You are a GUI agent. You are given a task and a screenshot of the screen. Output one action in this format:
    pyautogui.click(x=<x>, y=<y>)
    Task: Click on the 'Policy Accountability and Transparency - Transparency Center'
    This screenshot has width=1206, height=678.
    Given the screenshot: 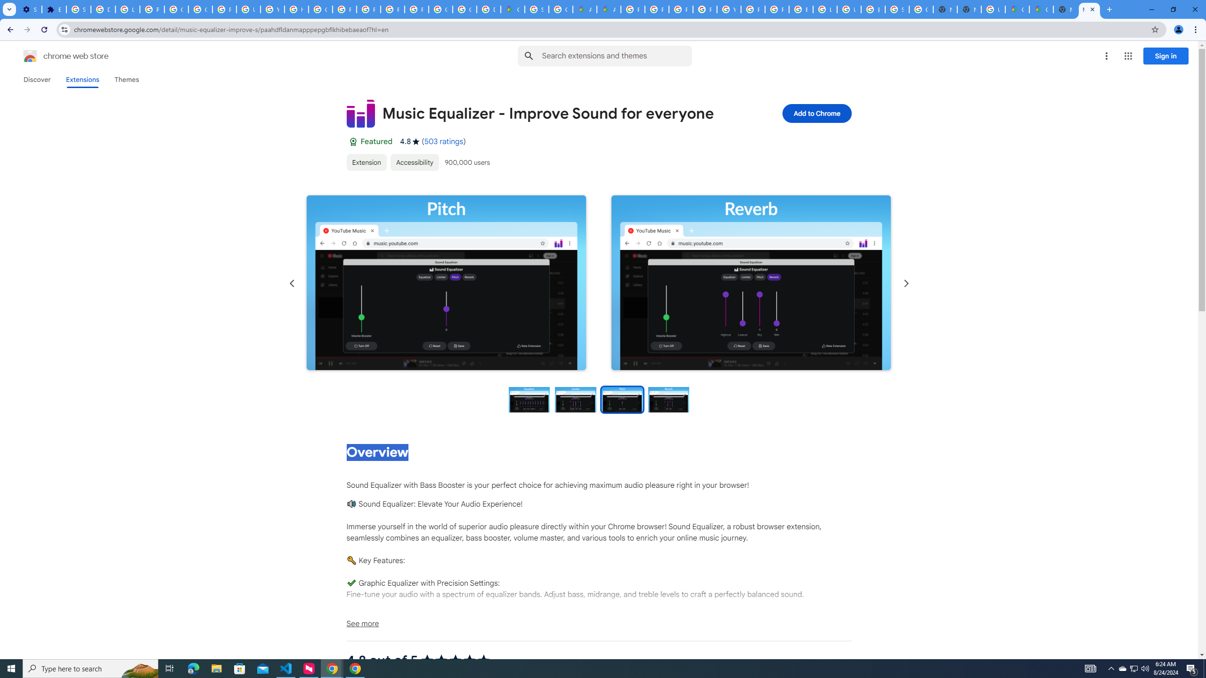 What is the action you would take?
    pyautogui.click(x=632, y=9)
    